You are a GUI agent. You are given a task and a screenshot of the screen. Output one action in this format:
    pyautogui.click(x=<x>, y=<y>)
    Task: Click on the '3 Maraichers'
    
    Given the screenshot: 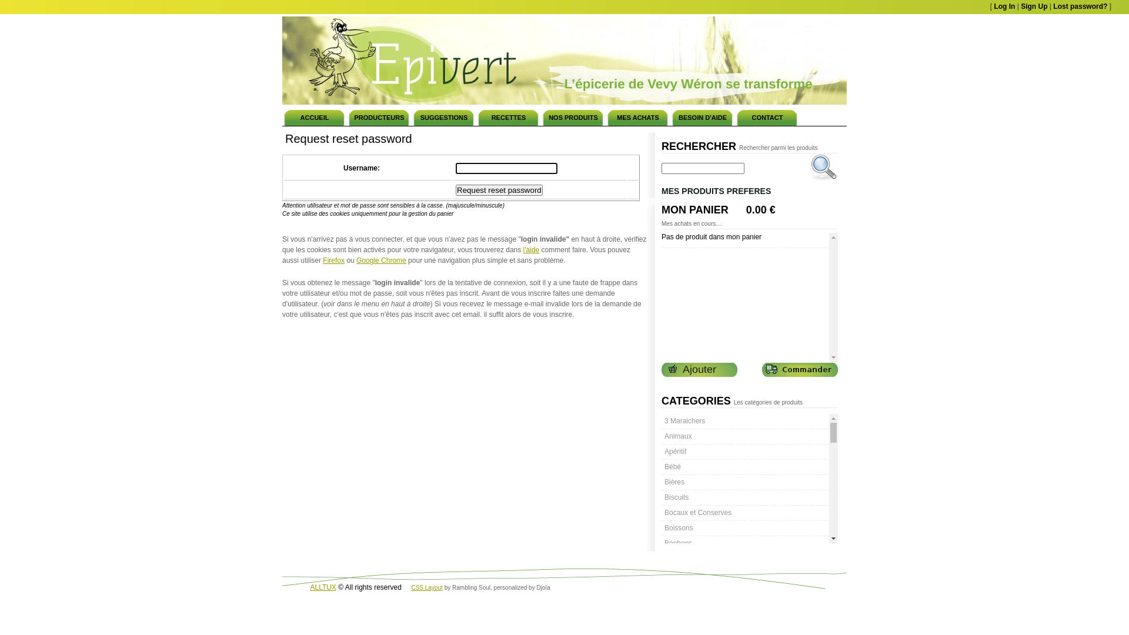 What is the action you would take?
    pyautogui.click(x=661, y=420)
    